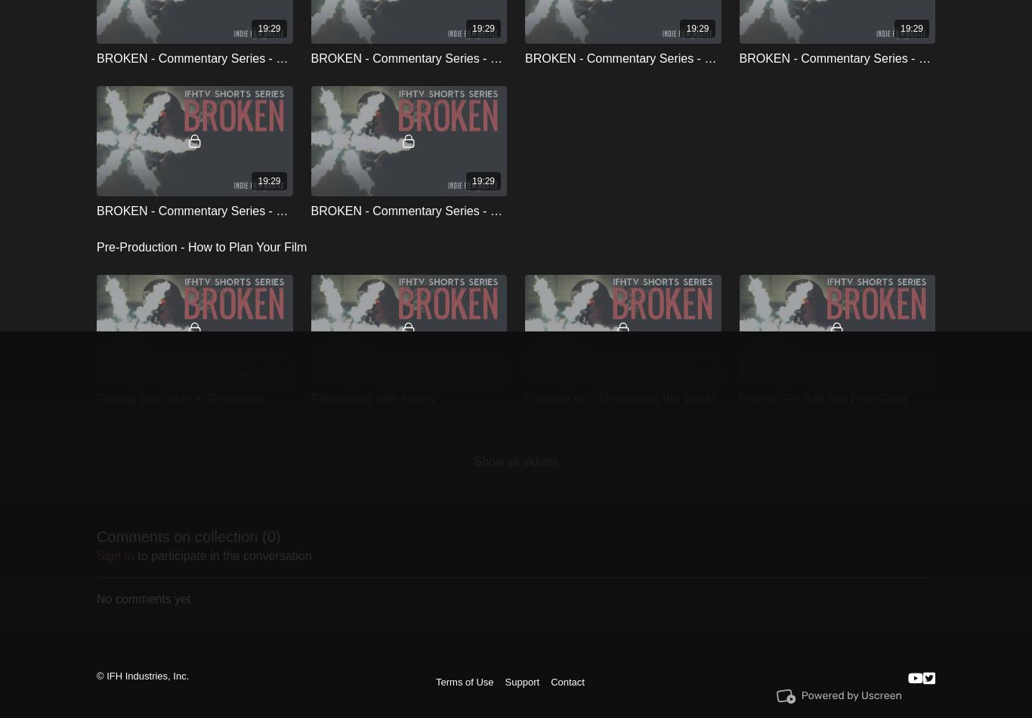 The height and width of the screenshot is (718, 1032). What do you see at coordinates (626, 58) in the screenshot?
I see `'BROKEN - Commentary Series - Cast'` at bounding box center [626, 58].